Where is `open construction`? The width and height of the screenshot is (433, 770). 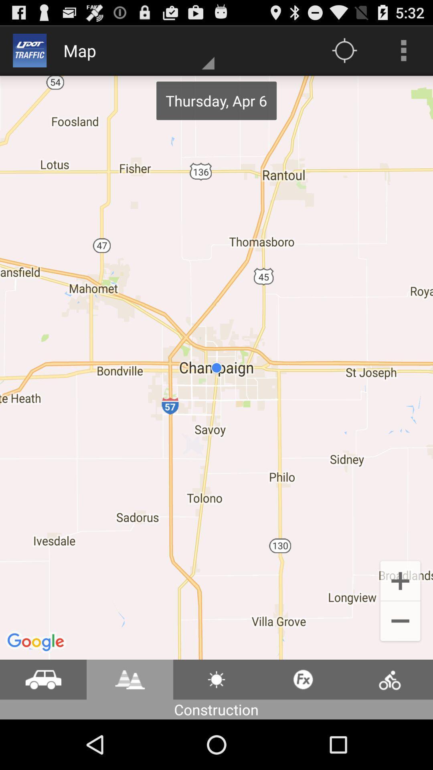
open construction is located at coordinates (129, 679).